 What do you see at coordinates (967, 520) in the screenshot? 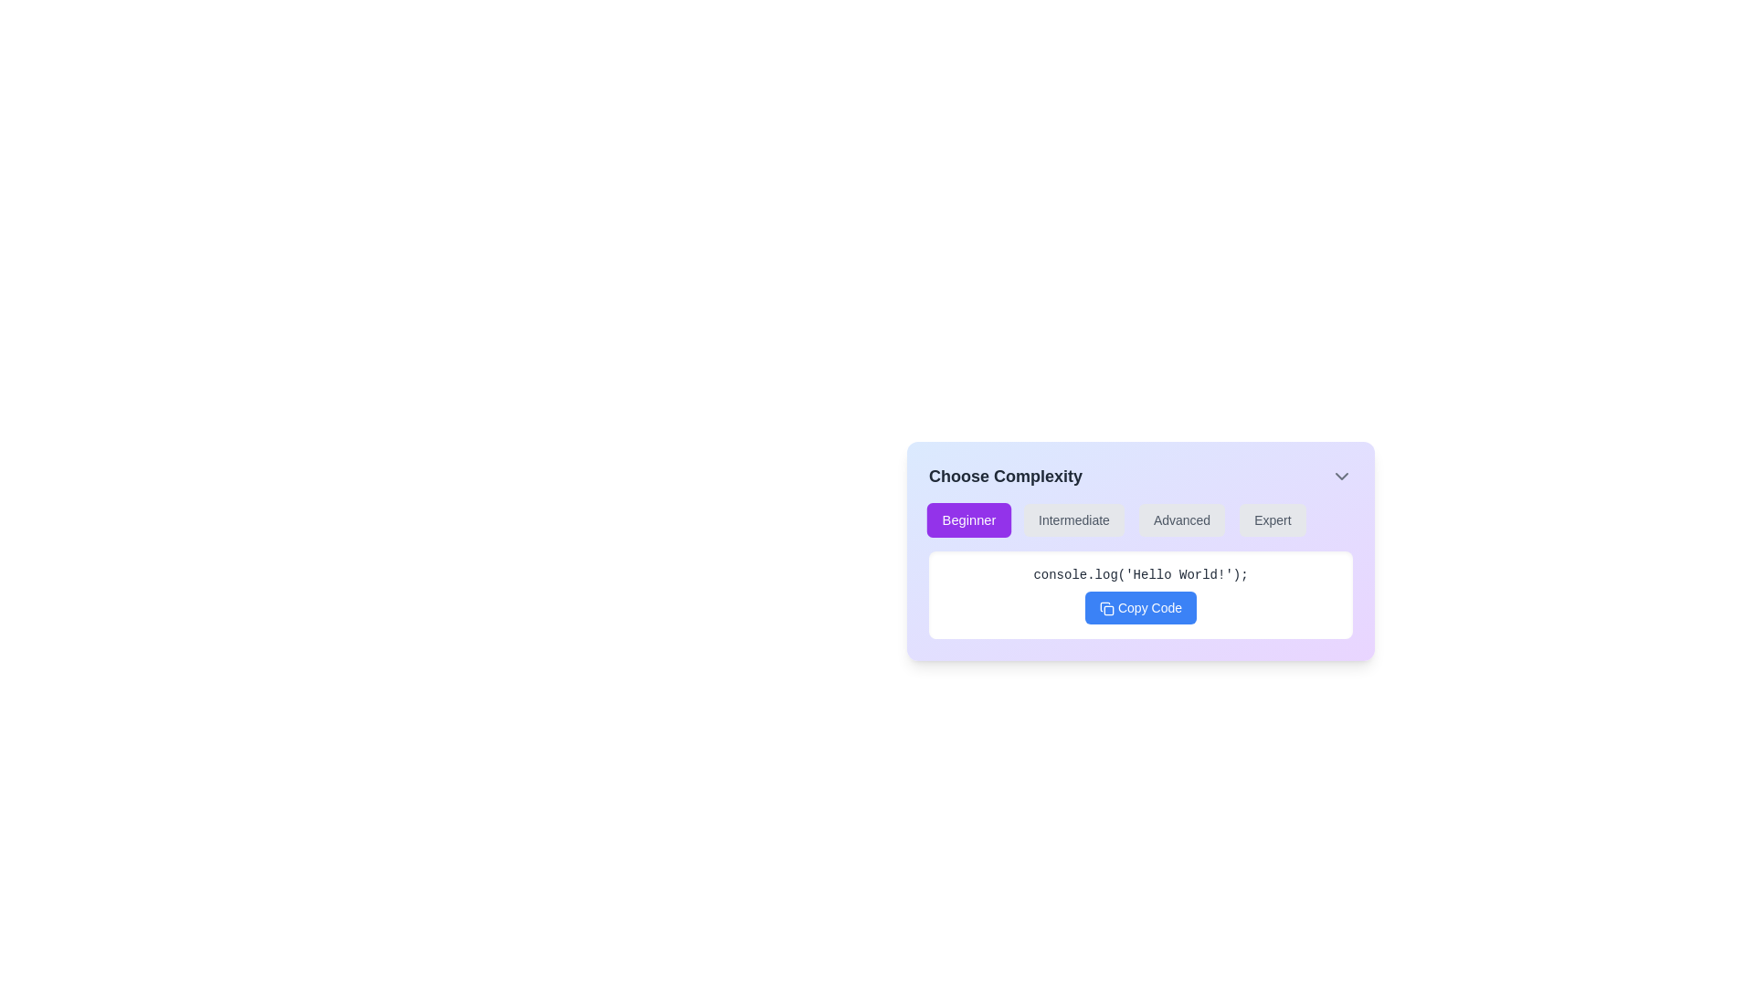
I see `the 'Beginner' difficulty button in the complexity selection interface` at bounding box center [967, 520].